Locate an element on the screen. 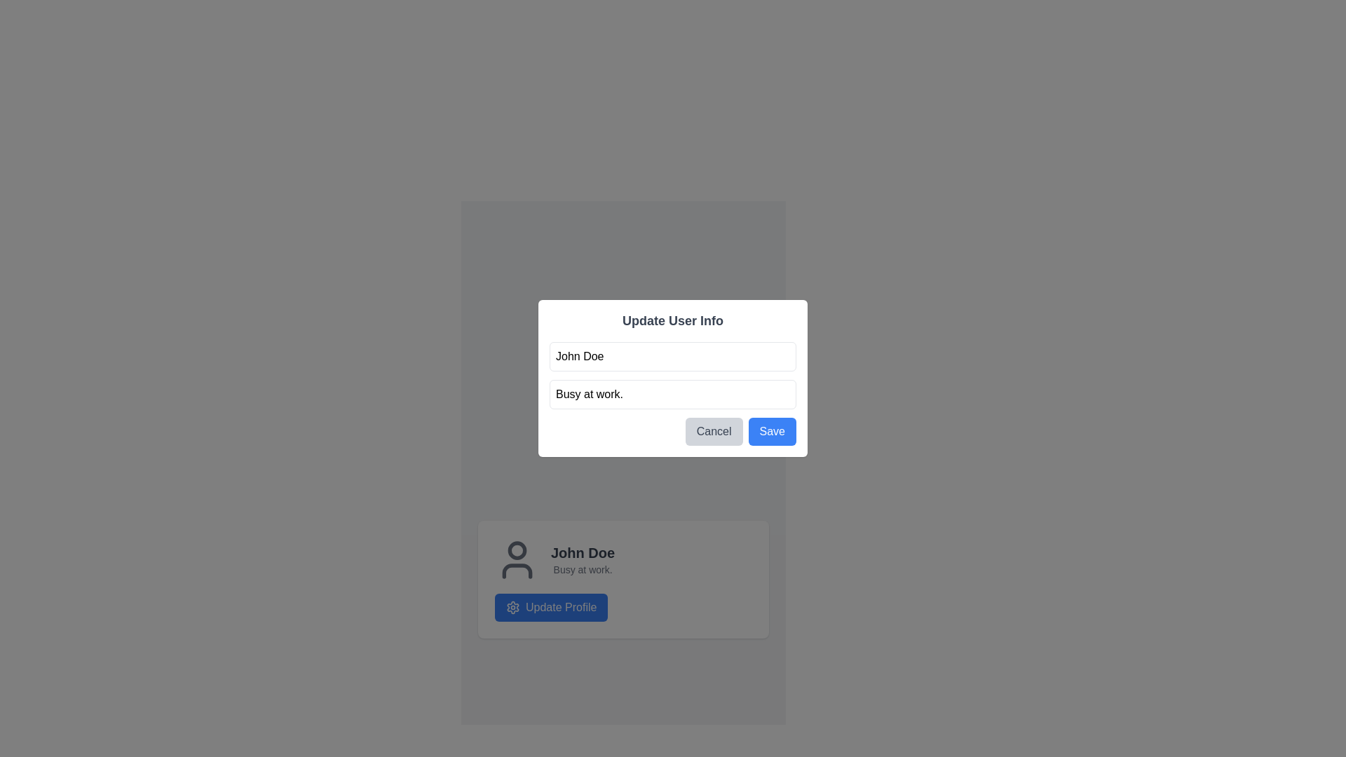 The image size is (1346, 757). the user profile icon's head representation, which is a circle located at the upper section of the user silhouette is located at coordinates (517, 550).